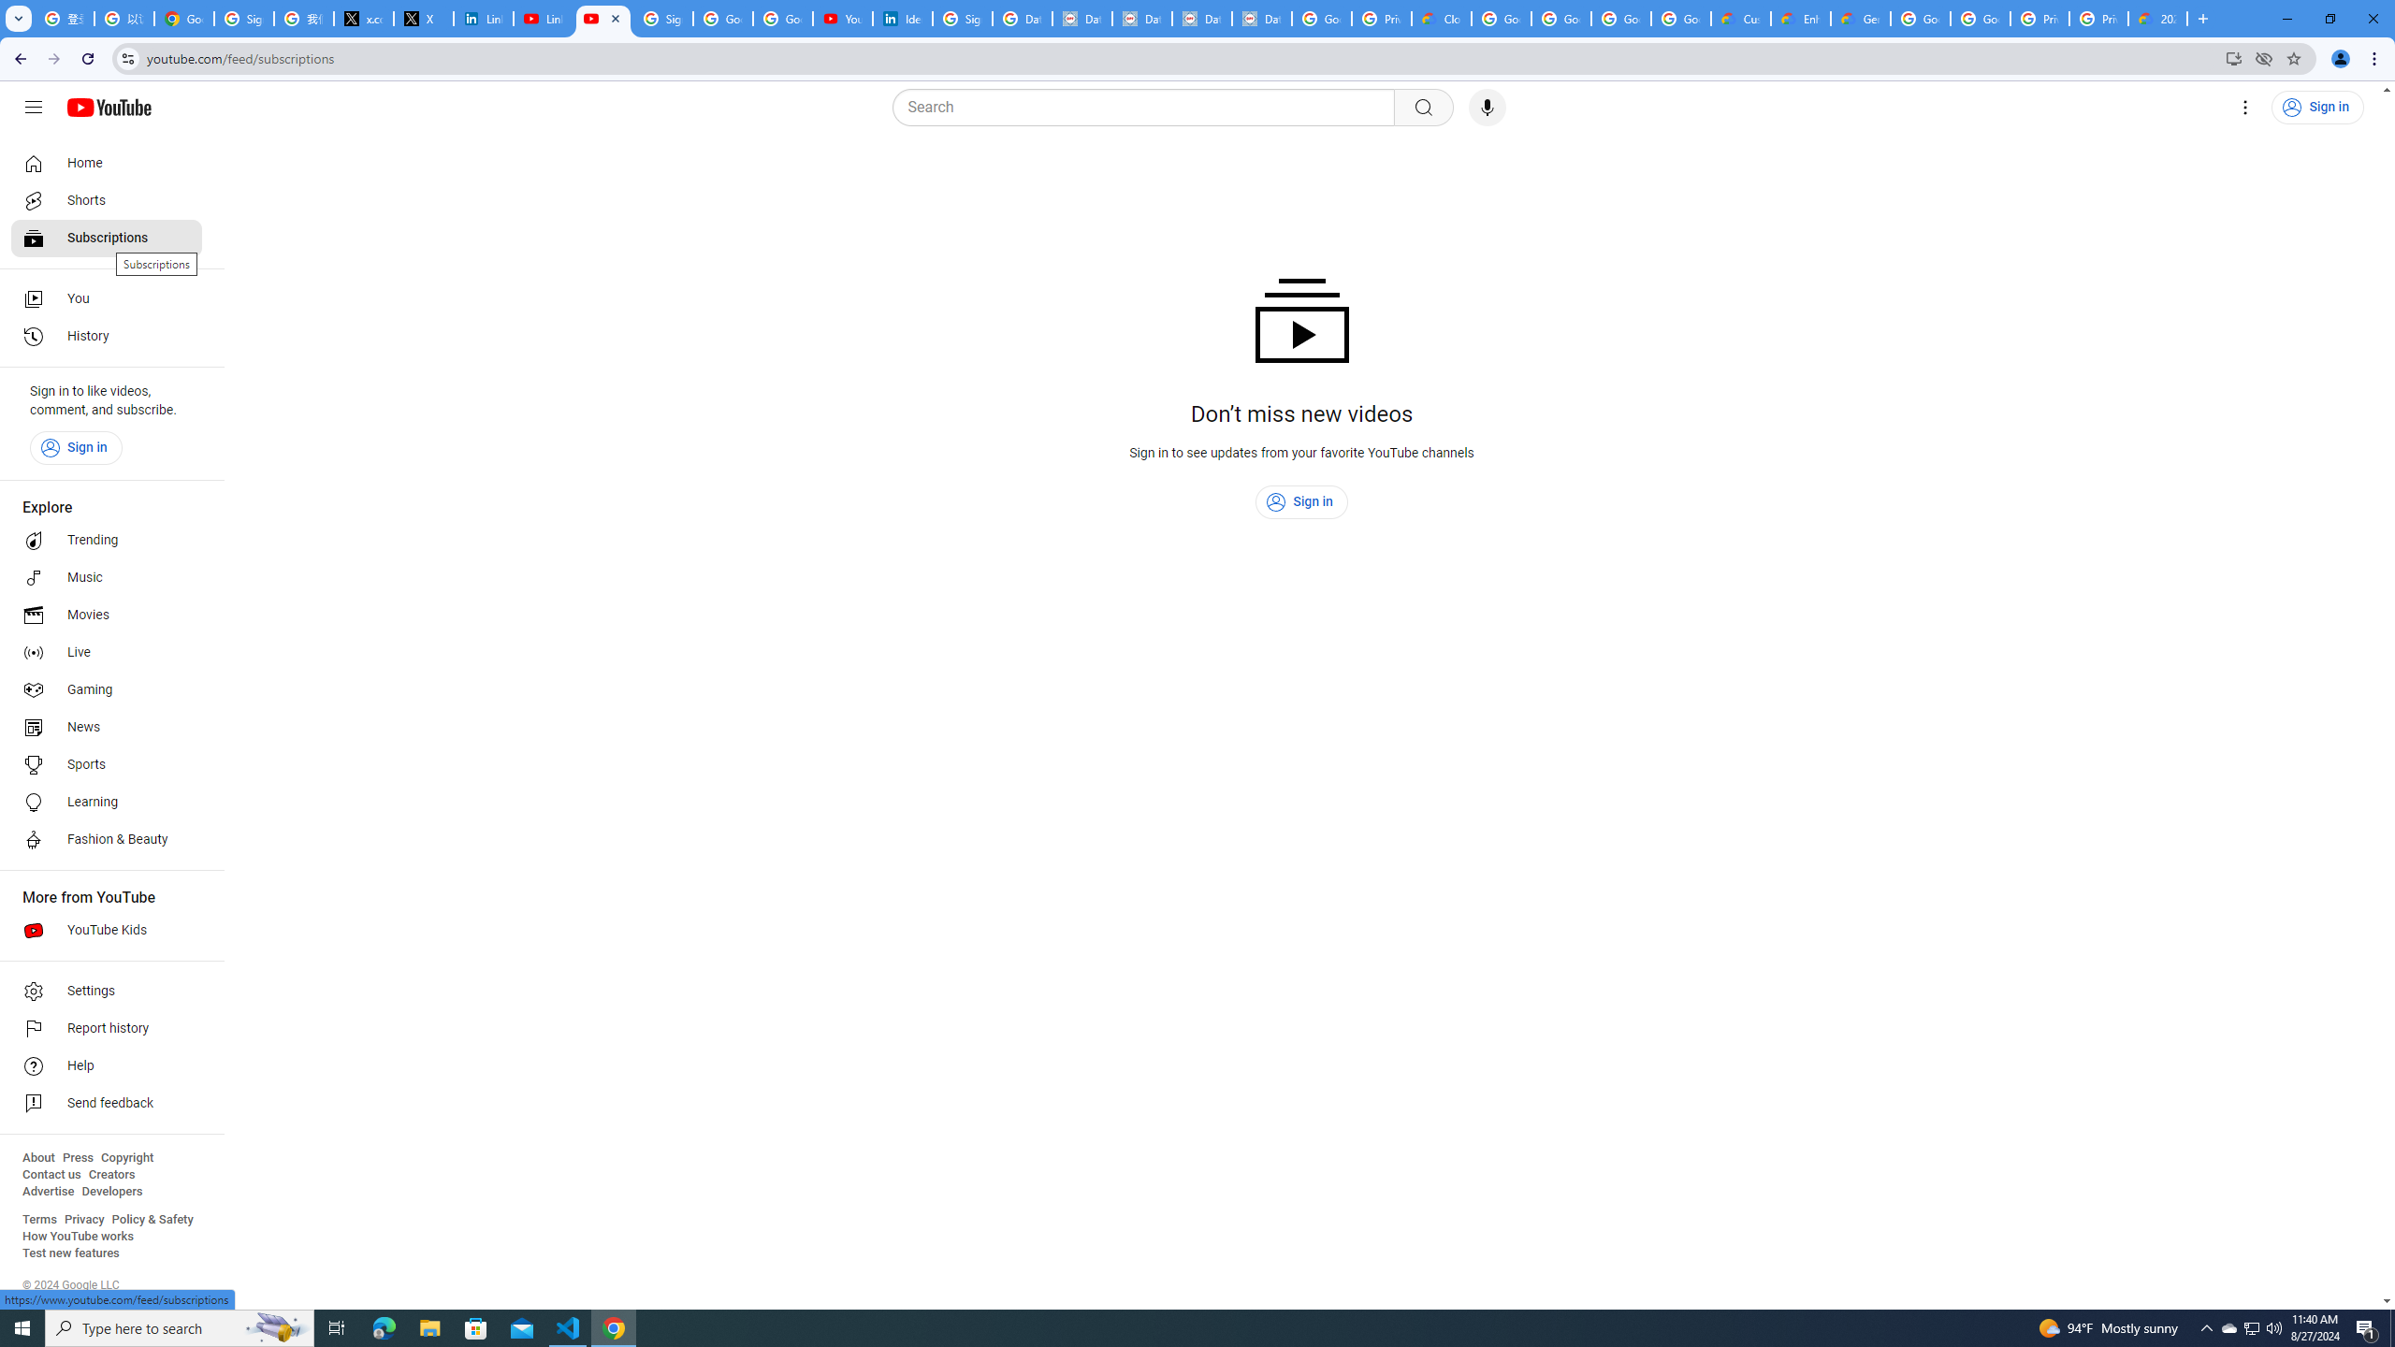 The image size is (2395, 1347). Describe the element at coordinates (37, 1157) in the screenshot. I see `'About'` at that location.